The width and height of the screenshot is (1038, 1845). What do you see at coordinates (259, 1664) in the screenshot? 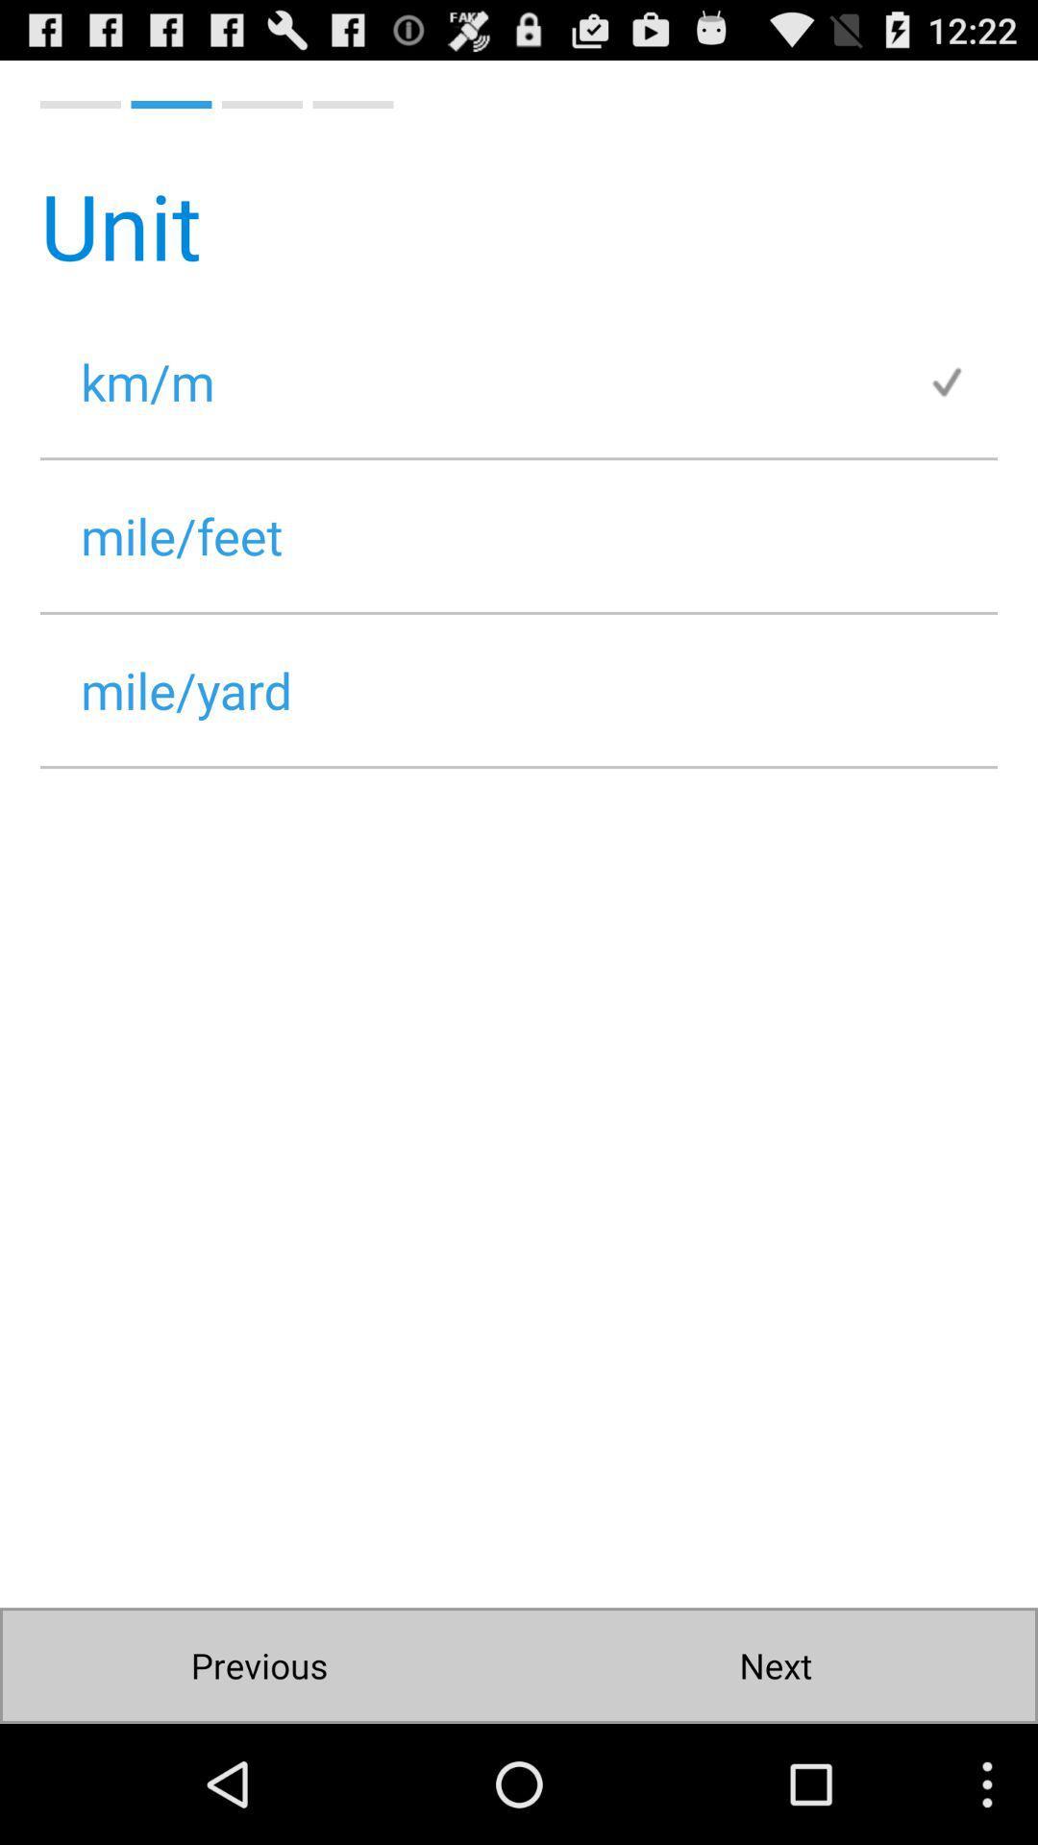
I see `the previous button` at bounding box center [259, 1664].